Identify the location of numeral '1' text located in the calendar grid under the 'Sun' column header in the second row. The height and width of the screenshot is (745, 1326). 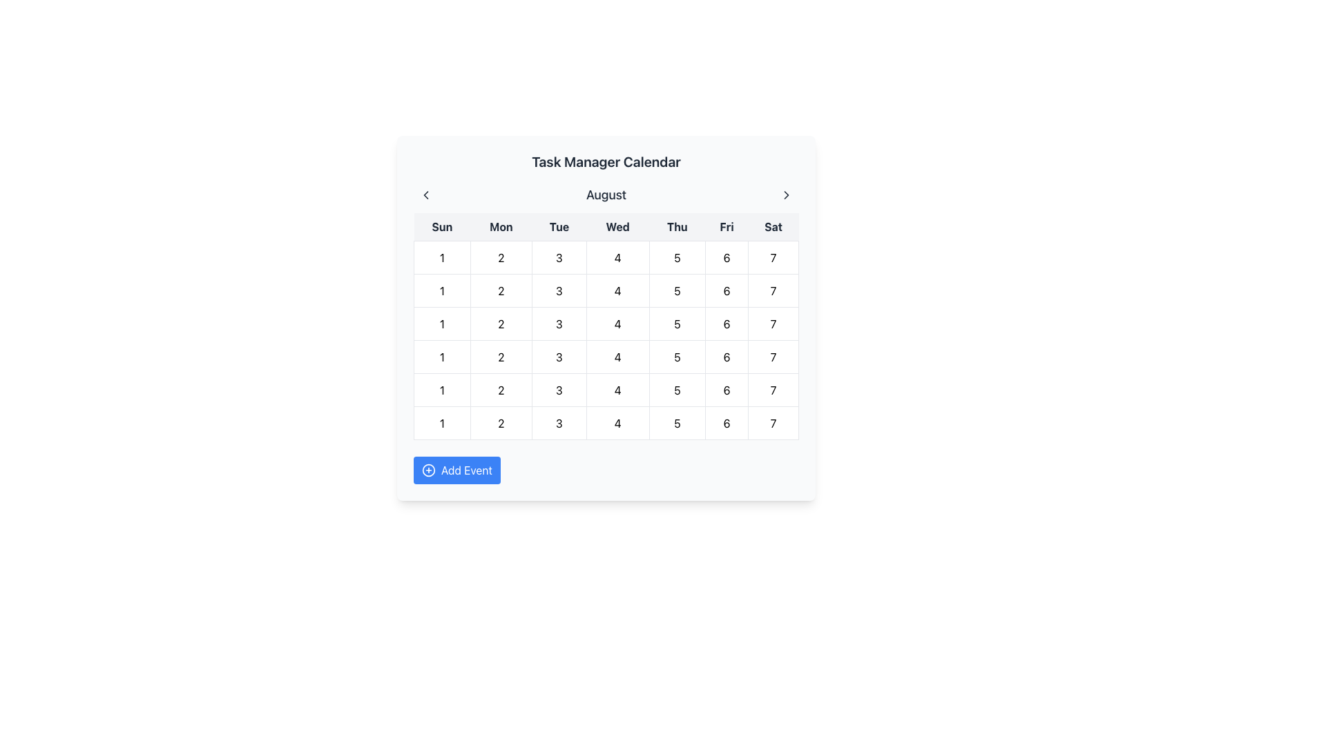
(442, 324).